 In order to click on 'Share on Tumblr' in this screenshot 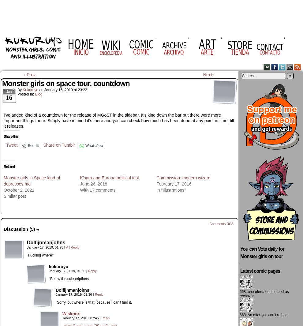, I will do `click(59, 145)`.